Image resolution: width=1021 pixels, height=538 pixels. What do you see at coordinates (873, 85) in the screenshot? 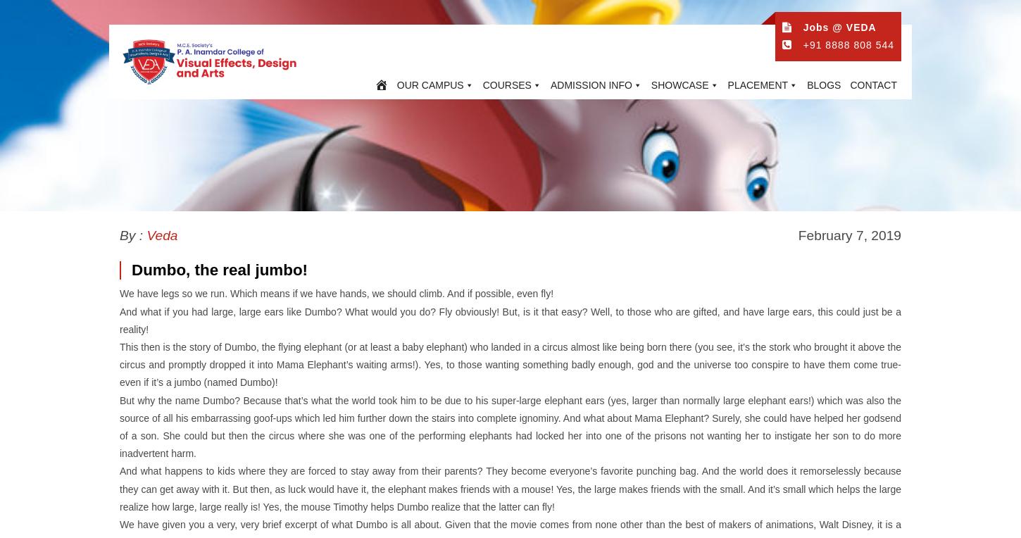
I see `'CONTACT'` at bounding box center [873, 85].